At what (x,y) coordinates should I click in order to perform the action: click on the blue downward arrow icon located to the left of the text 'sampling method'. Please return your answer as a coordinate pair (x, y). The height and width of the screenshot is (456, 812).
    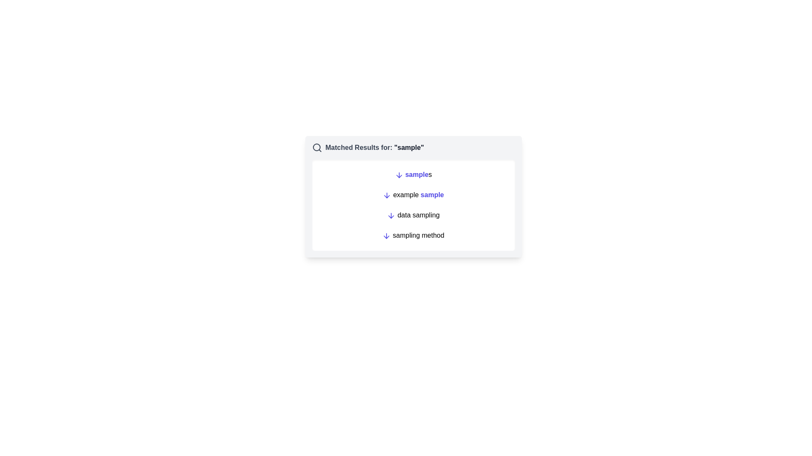
    Looking at the image, I should click on (386, 236).